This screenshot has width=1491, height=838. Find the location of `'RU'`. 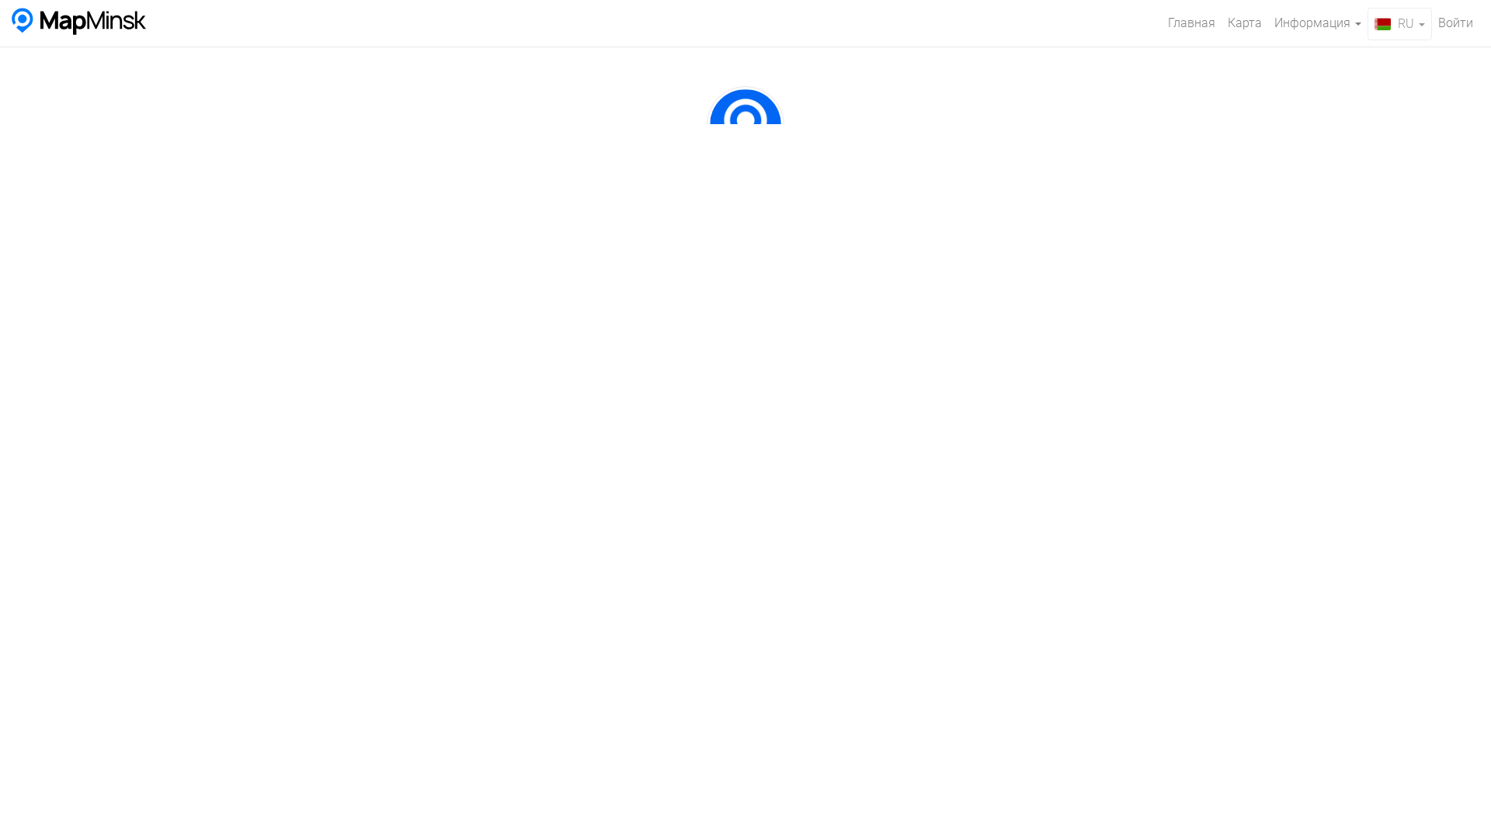

'RU' is located at coordinates (1399, 23).